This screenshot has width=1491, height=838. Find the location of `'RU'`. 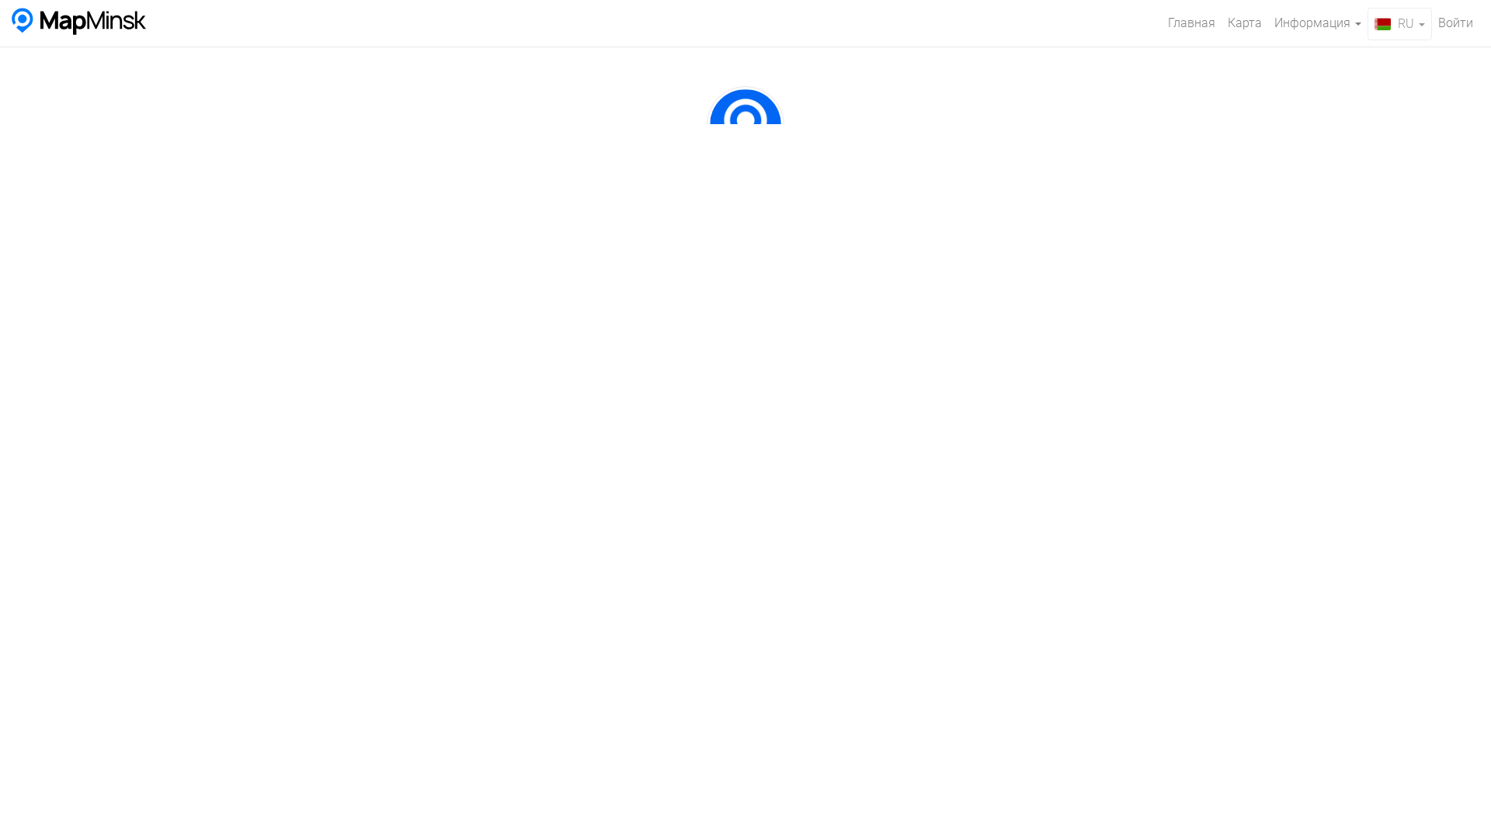

'RU' is located at coordinates (1399, 23).